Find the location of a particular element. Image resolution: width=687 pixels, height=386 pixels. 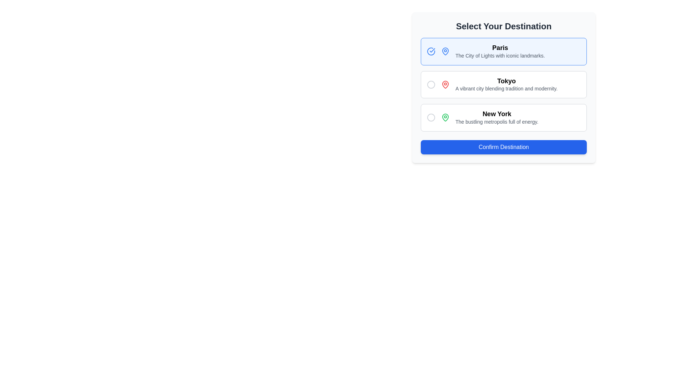

the pin icon located in the upper-right area of the 'Paris' card, which is positioned to the right of the check-circle icon is located at coordinates (445, 51).